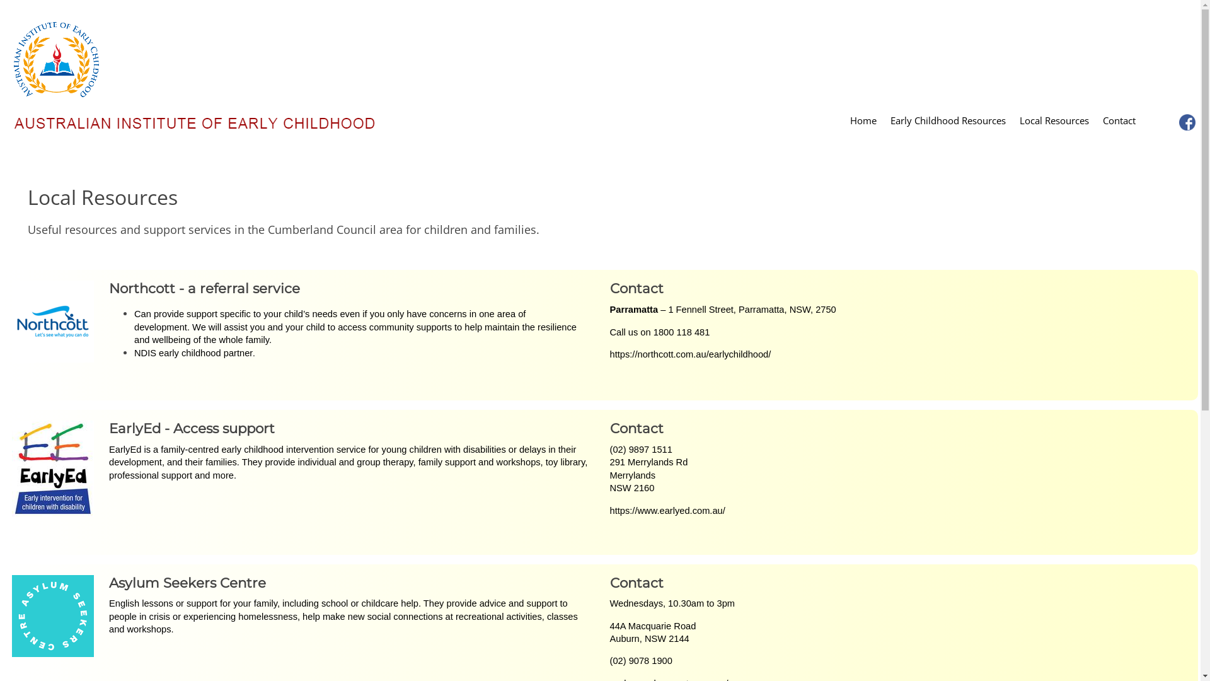  I want to click on 'Local Resources', so click(1054, 122).